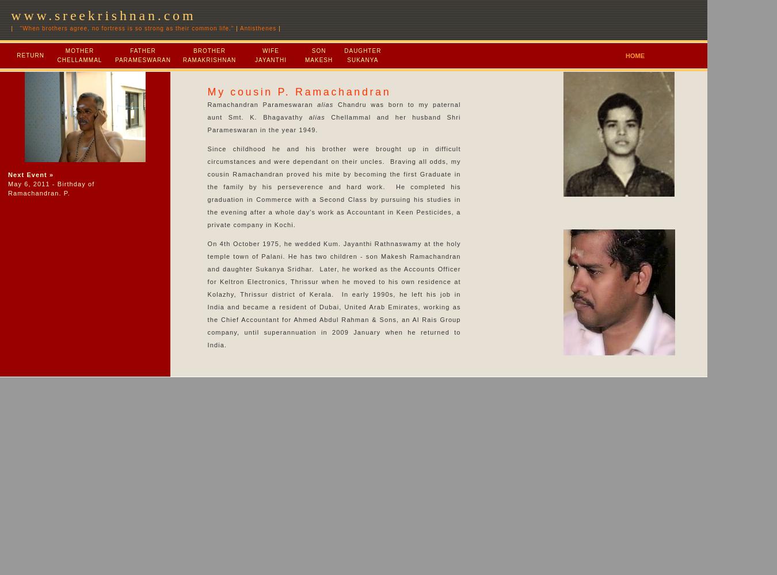  Describe the element at coordinates (7, 175) in the screenshot. I see `'Next Event »'` at that location.